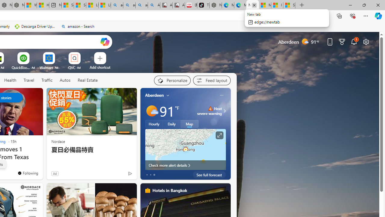 The height and width of the screenshot is (217, 385). I want to click on 'Health', so click(10, 80).